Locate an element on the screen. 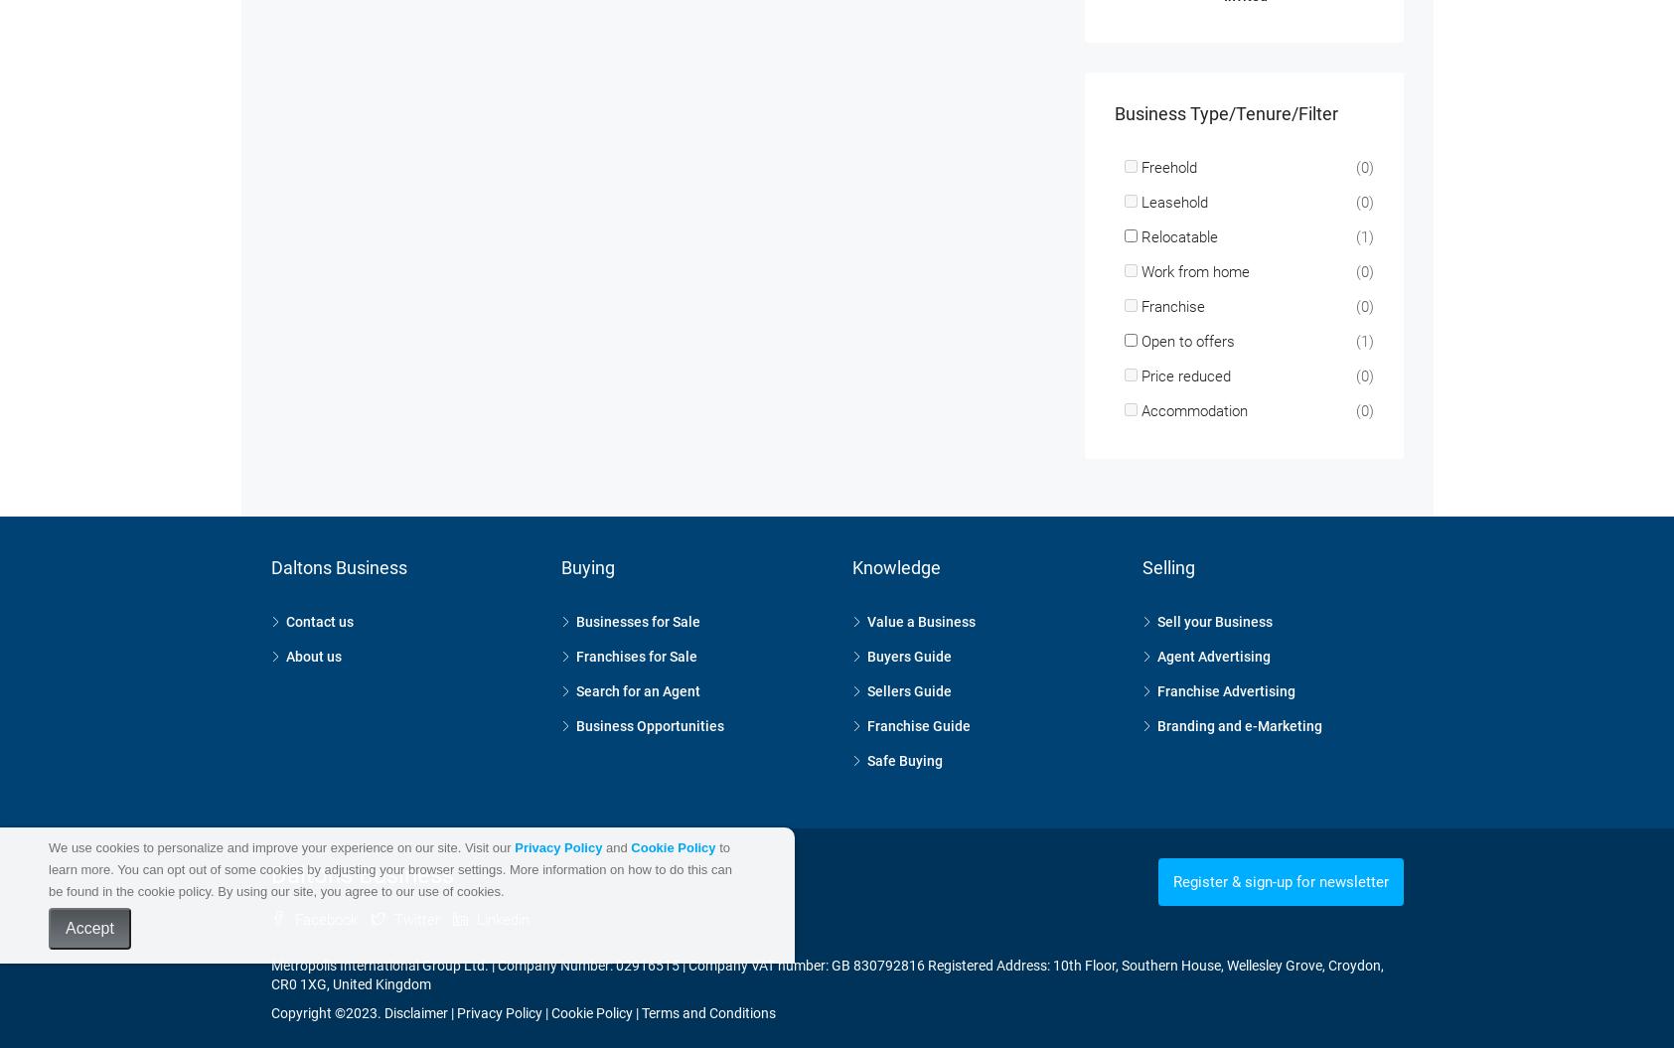 This screenshot has width=1674, height=1048. 'Cookie Policy' is located at coordinates (590, 987).